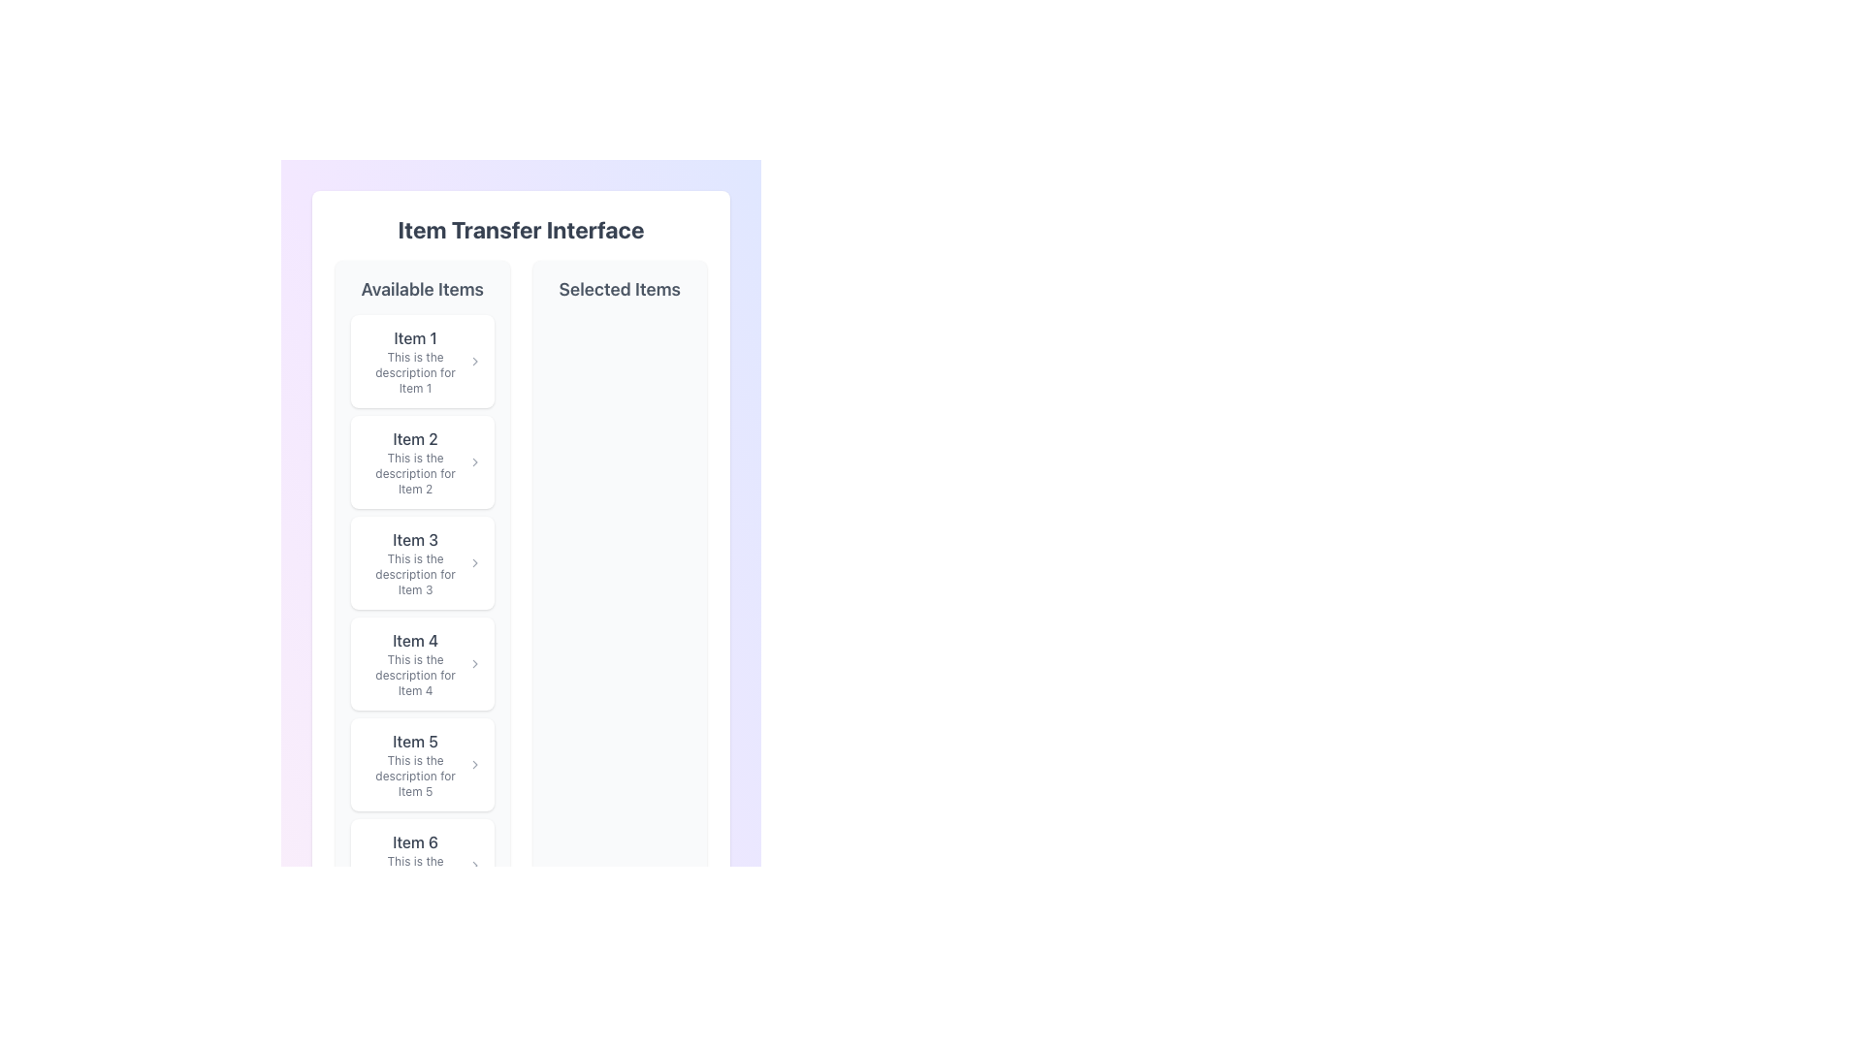  I want to click on text label 'Selected Items' which is styled as a header in a larger, bold font and located at the top-right section of the interface, so click(619, 290).